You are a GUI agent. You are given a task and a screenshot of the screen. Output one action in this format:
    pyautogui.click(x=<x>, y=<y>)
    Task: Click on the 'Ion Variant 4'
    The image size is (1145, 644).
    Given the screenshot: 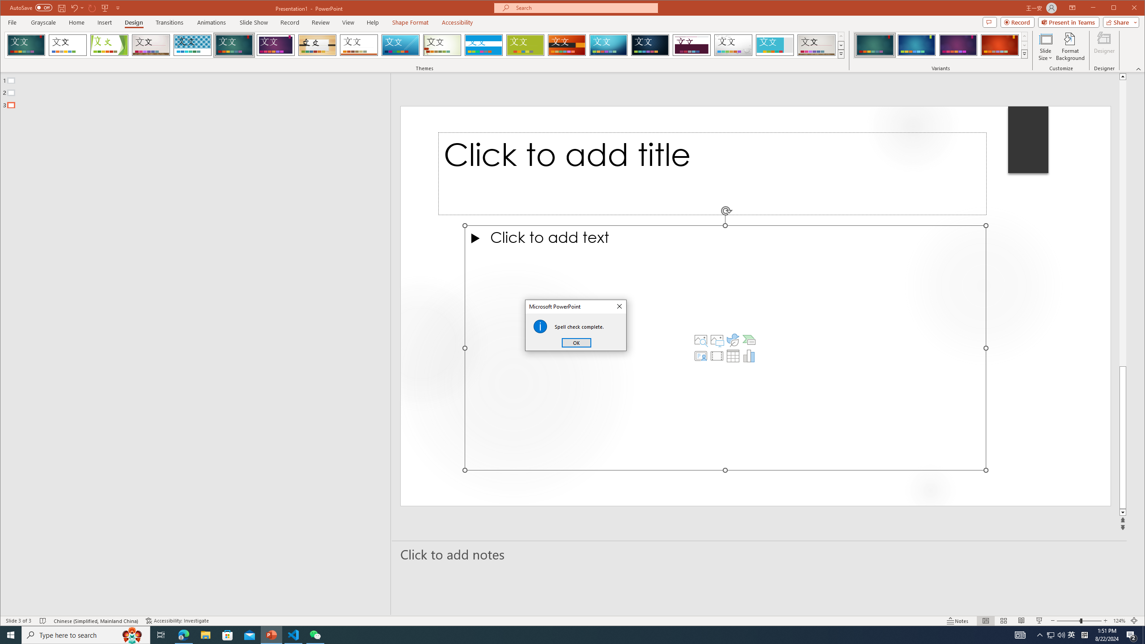 What is the action you would take?
    pyautogui.click(x=999, y=45)
    